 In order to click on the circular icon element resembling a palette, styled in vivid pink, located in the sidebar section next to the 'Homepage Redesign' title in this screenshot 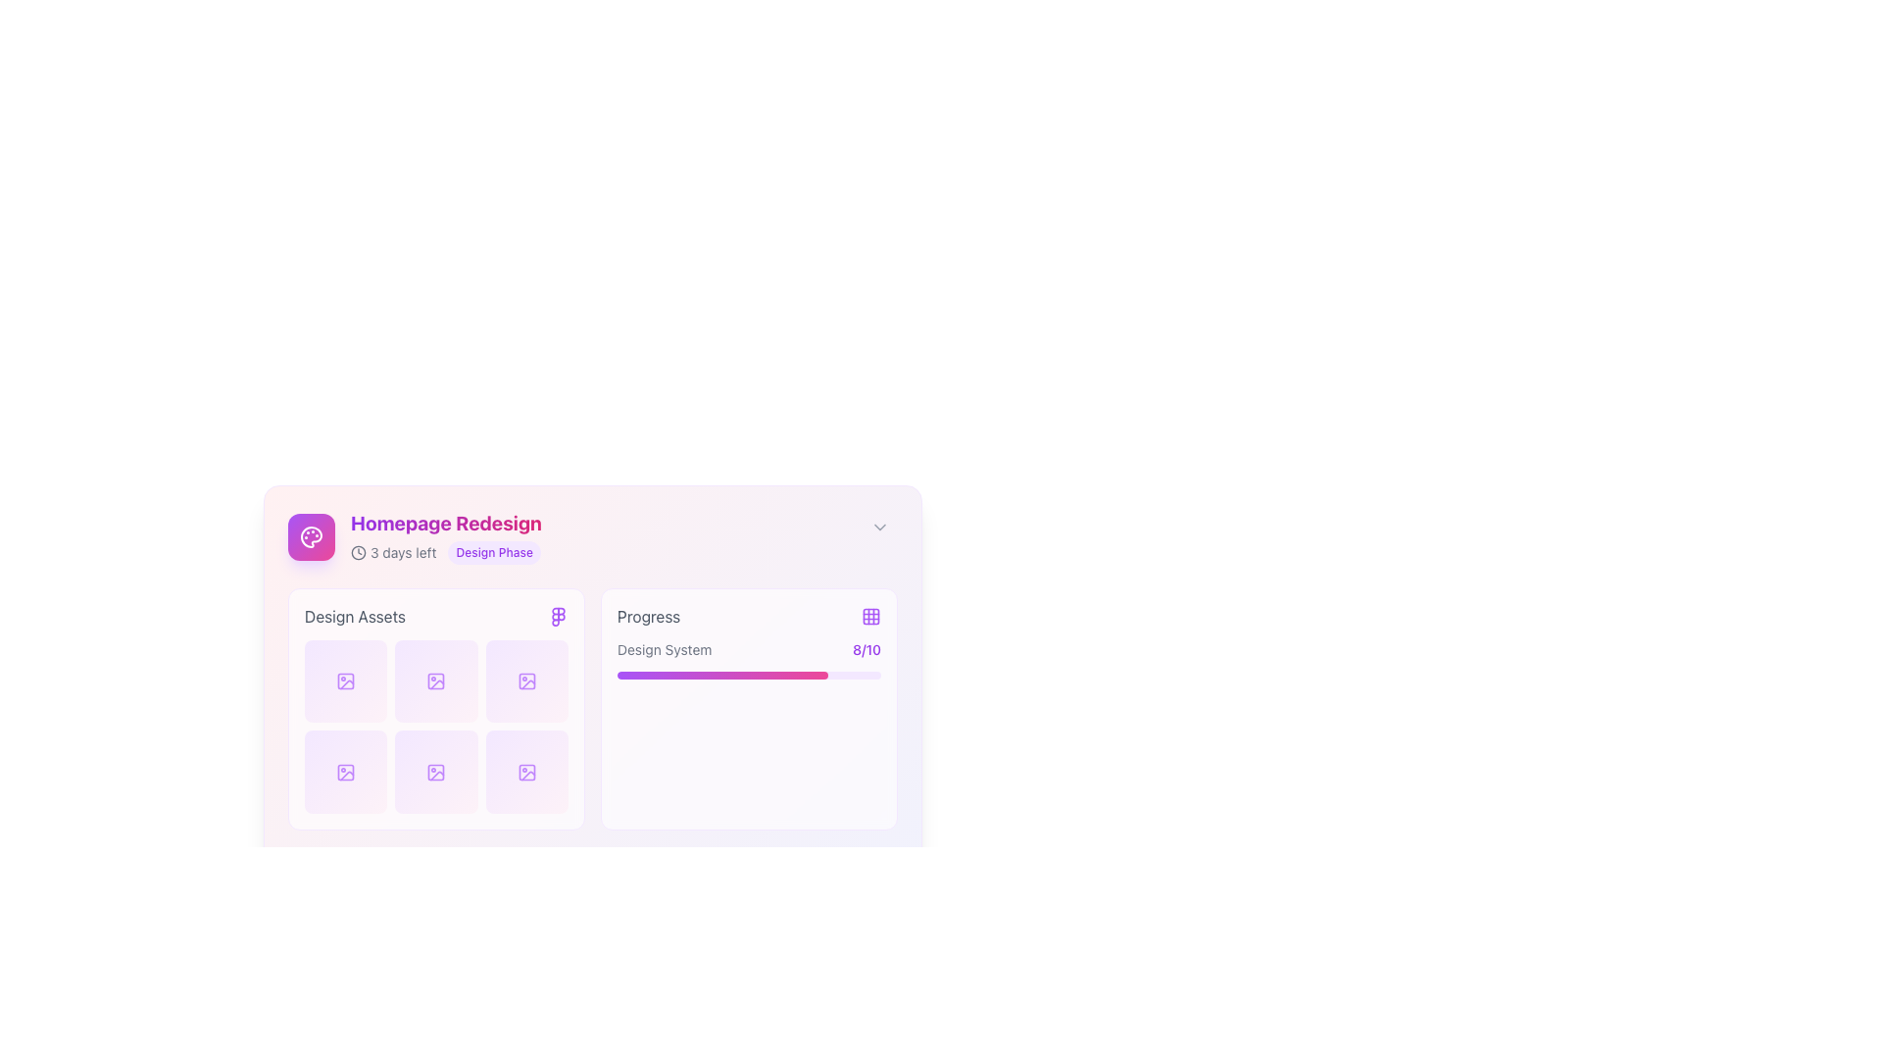, I will do `click(310, 536)`.